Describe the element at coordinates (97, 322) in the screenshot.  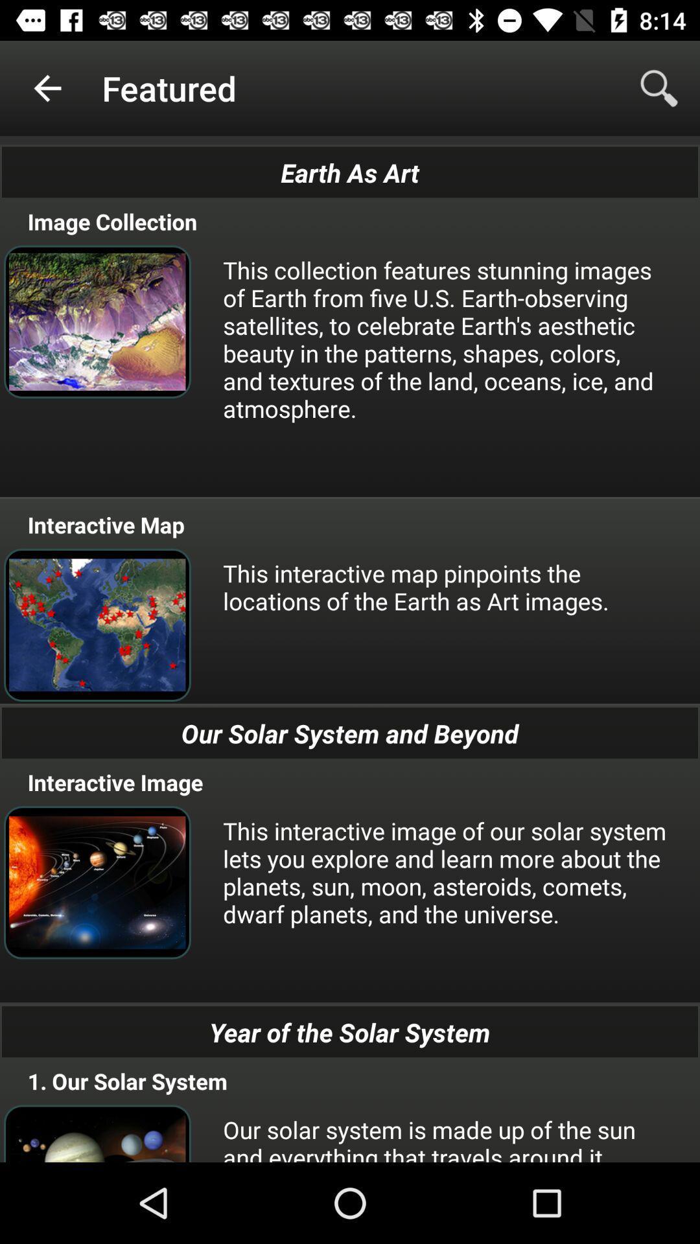
I see `the image which is below the image collection` at that location.